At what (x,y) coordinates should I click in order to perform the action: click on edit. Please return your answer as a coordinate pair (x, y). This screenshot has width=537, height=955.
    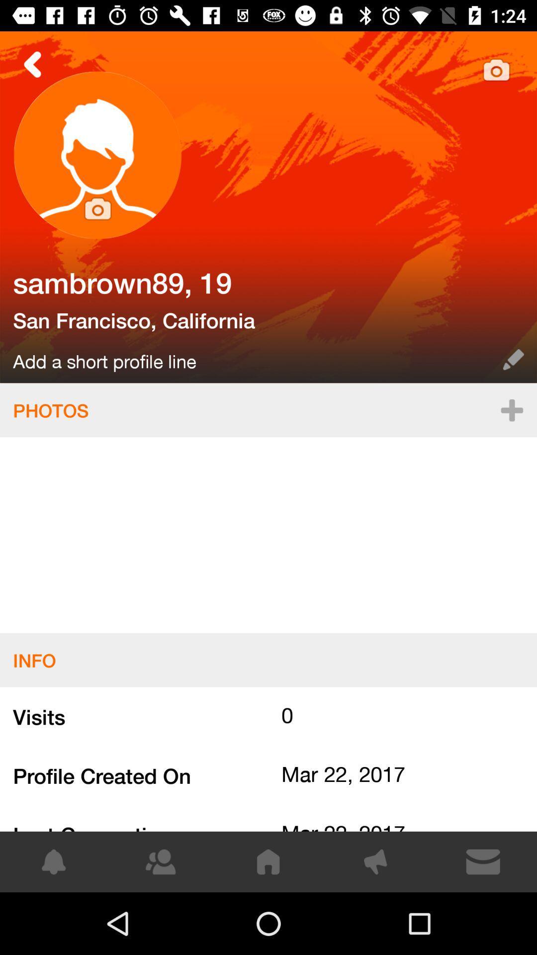
    Looking at the image, I should click on (513, 359).